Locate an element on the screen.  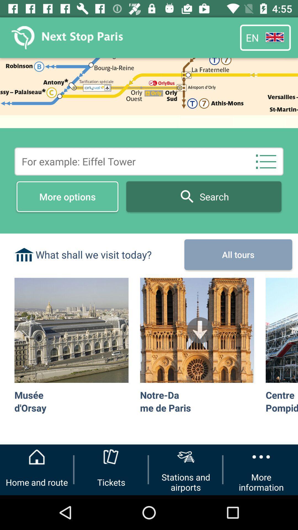
the icon next to the what shall we is located at coordinates (238, 254).